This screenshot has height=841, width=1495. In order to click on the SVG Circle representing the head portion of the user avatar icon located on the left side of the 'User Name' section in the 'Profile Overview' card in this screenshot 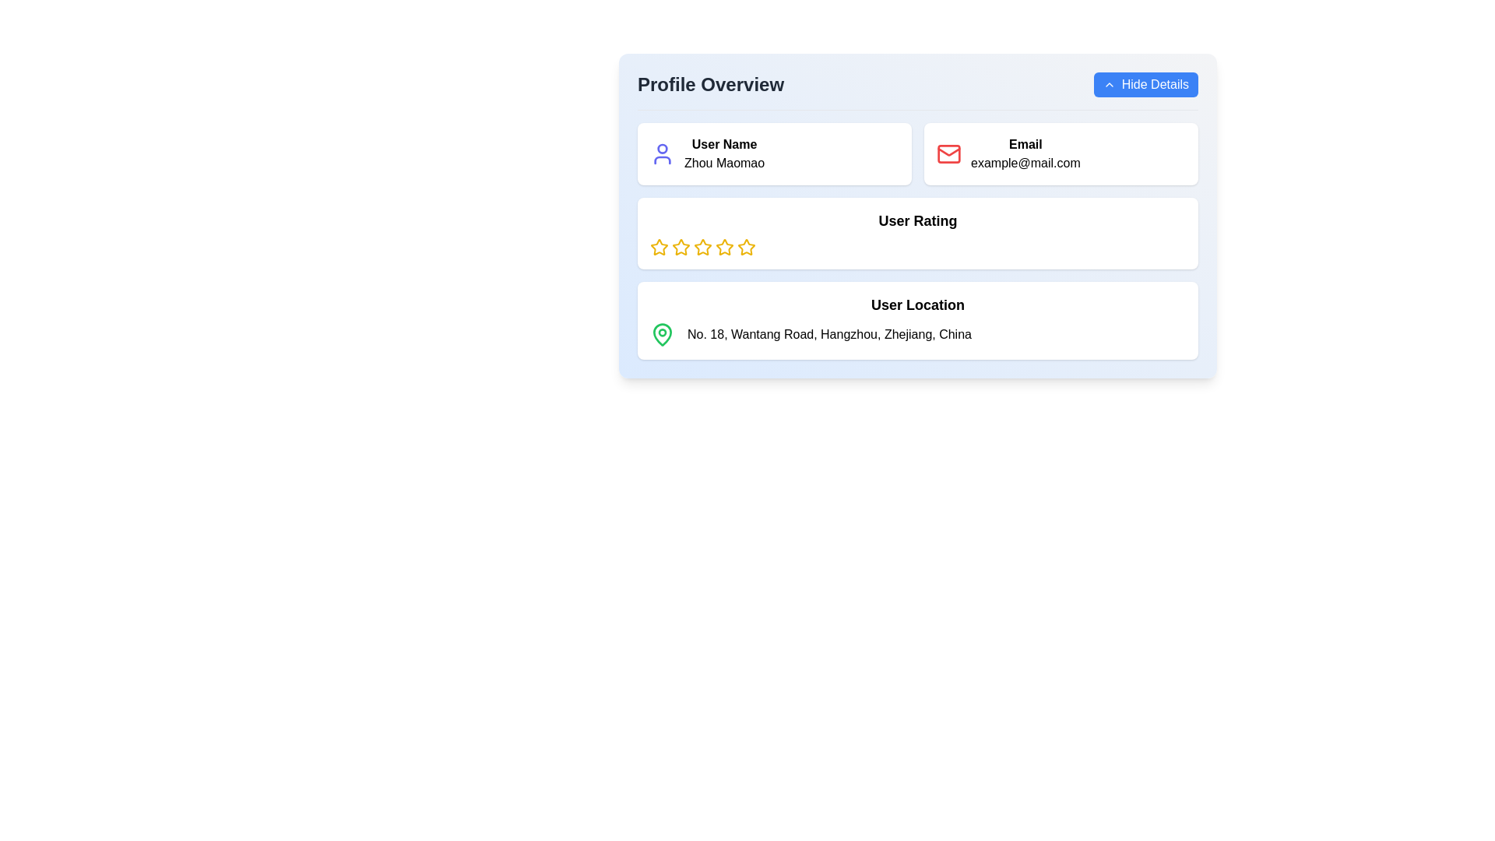, I will do `click(662, 149)`.